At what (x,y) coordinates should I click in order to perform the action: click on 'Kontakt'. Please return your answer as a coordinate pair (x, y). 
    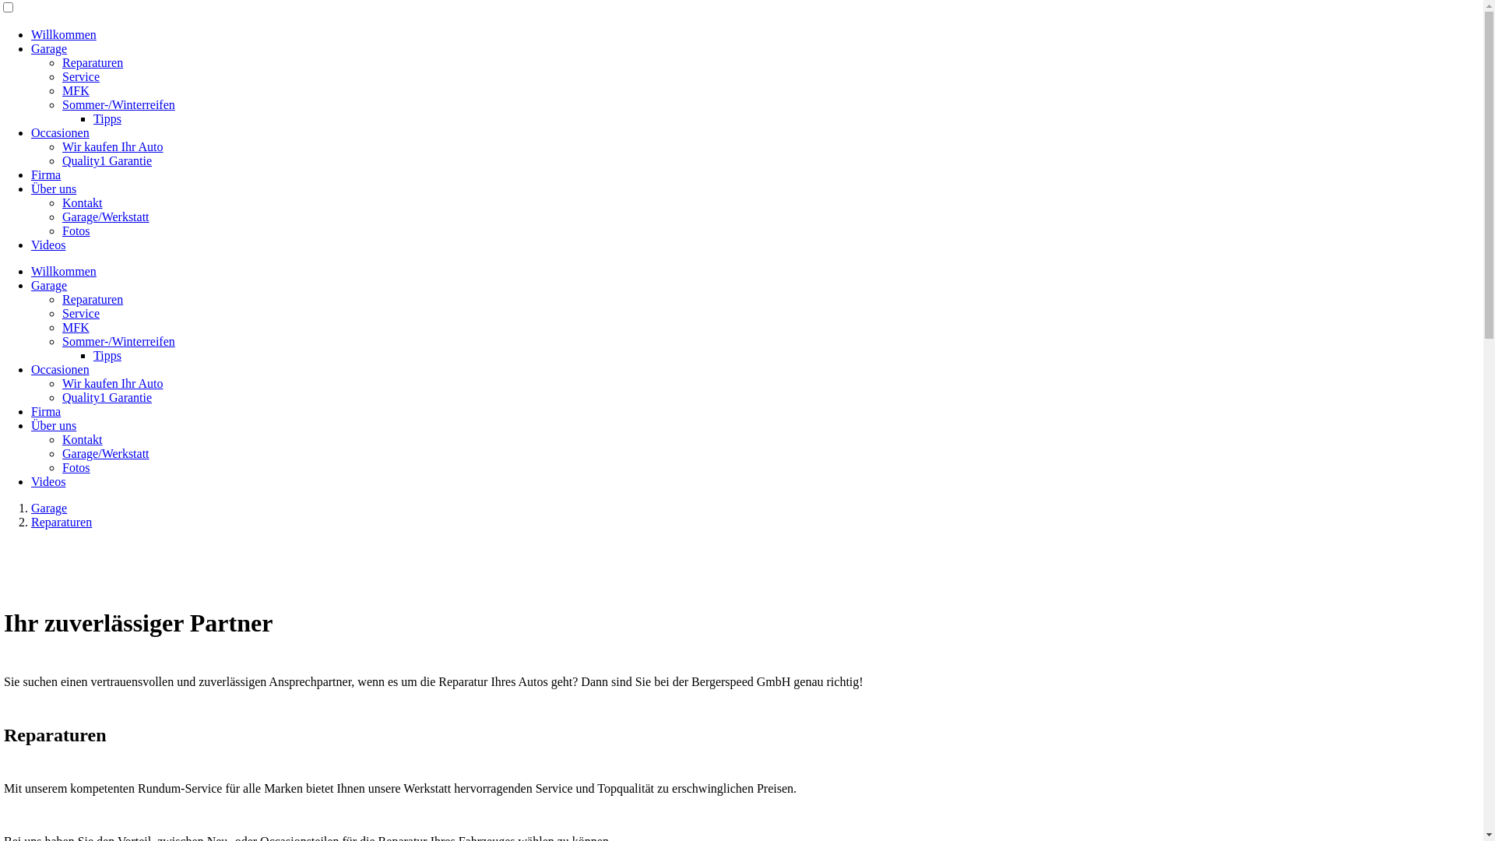
    Looking at the image, I should click on (81, 439).